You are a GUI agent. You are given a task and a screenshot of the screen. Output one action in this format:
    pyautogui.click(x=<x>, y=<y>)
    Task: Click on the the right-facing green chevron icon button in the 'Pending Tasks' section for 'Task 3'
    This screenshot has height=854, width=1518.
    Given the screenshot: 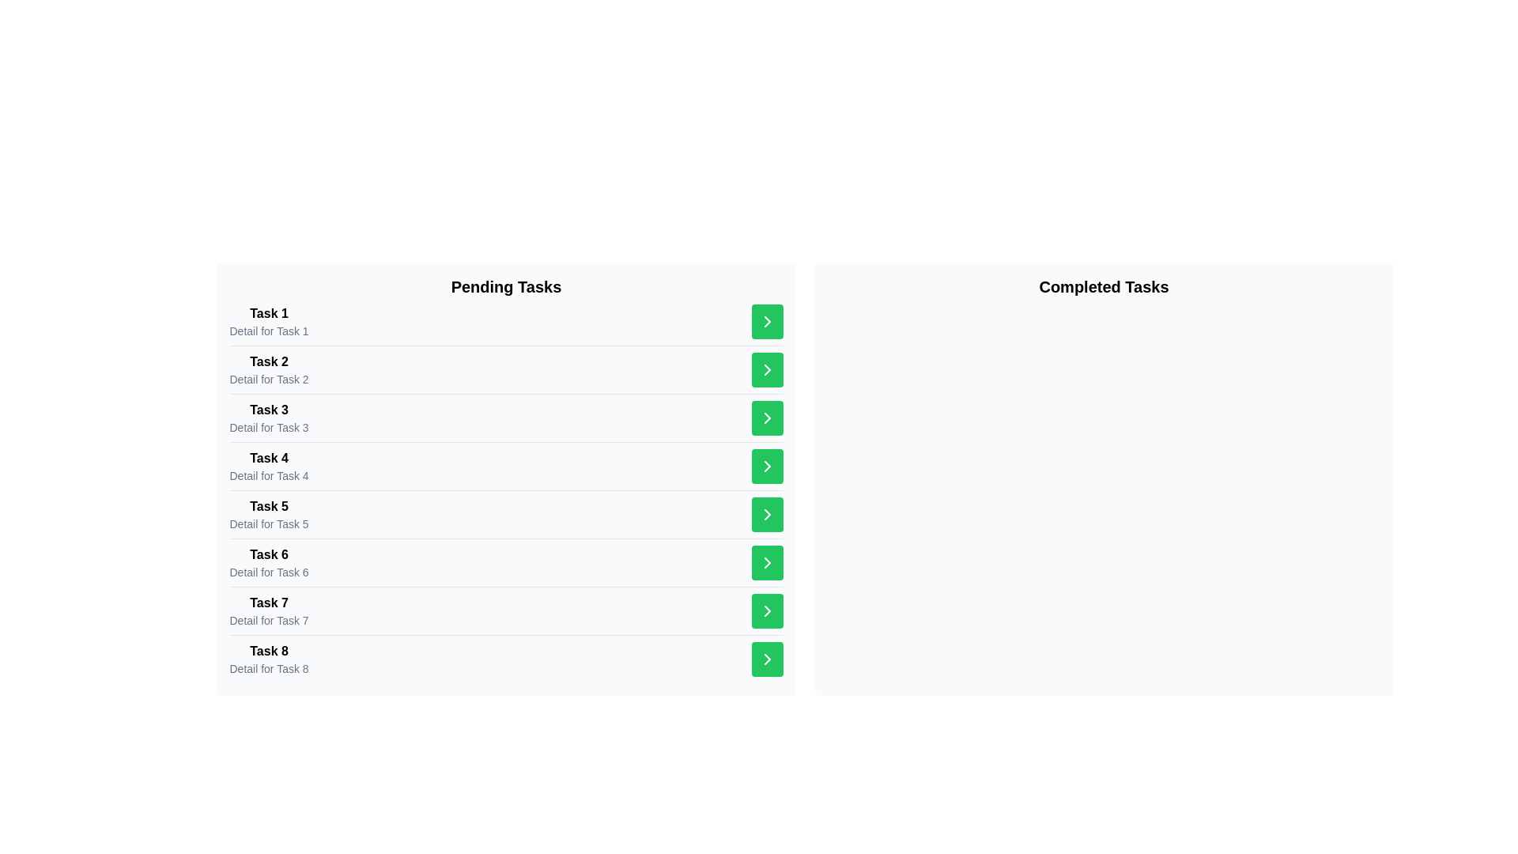 What is the action you would take?
    pyautogui.click(x=767, y=369)
    